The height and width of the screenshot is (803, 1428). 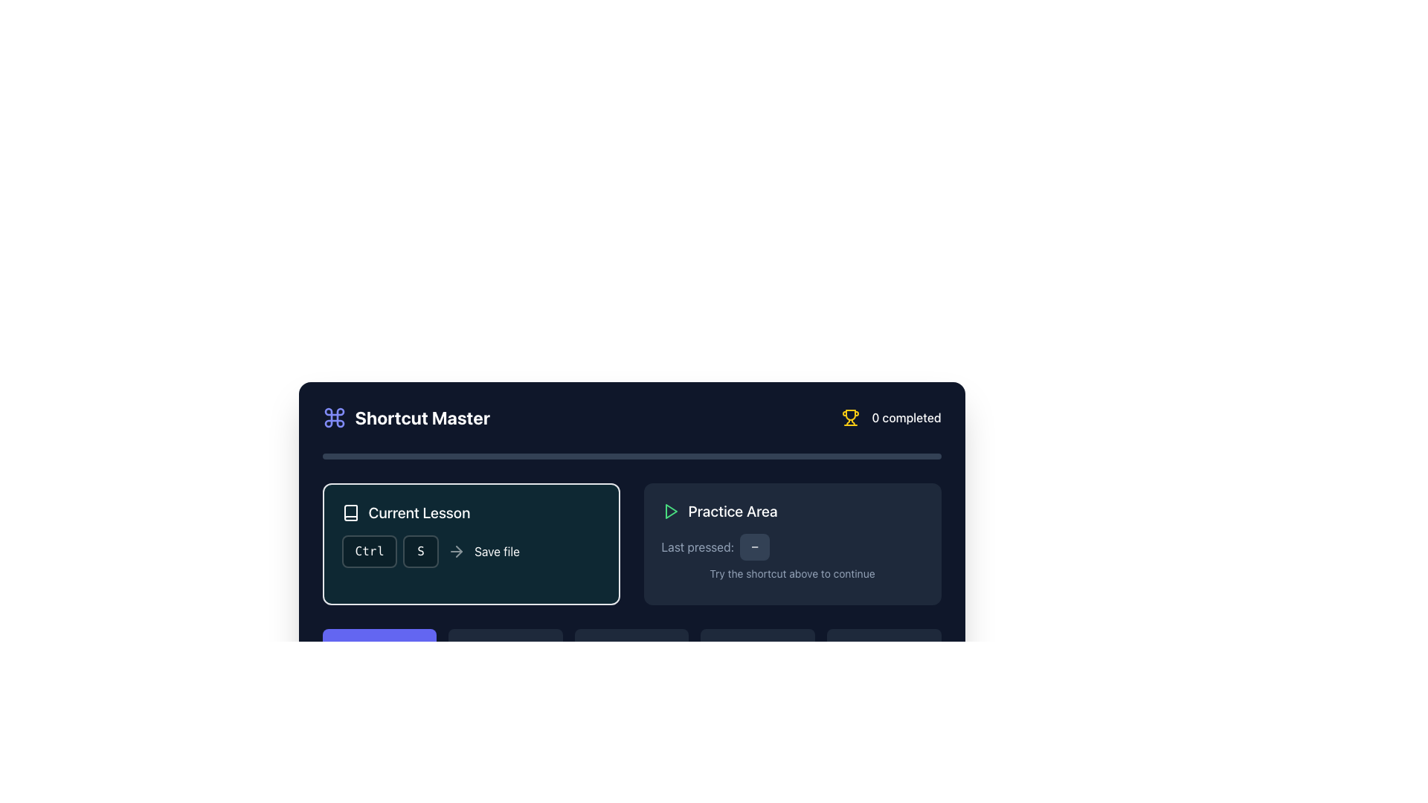 What do you see at coordinates (470, 544) in the screenshot?
I see `the 'Current Lesson' section, which has a dark green background and features a book icon along with the text 'Current Lesson' and the shortcut 'Ctrl S' for saving files` at bounding box center [470, 544].